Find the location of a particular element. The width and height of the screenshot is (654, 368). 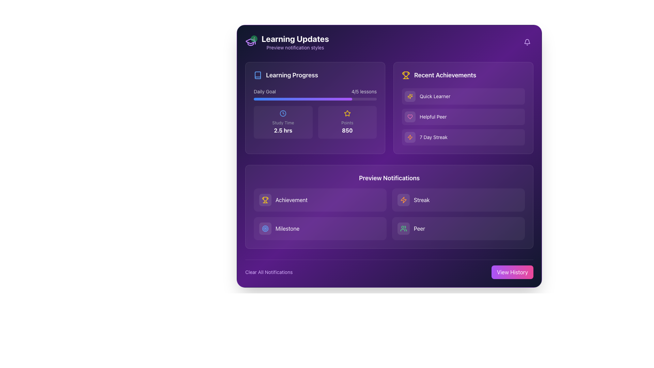

green circular Notification badge displaying the count value '4' located above the 'Learning Updates' header is located at coordinates (250, 42).